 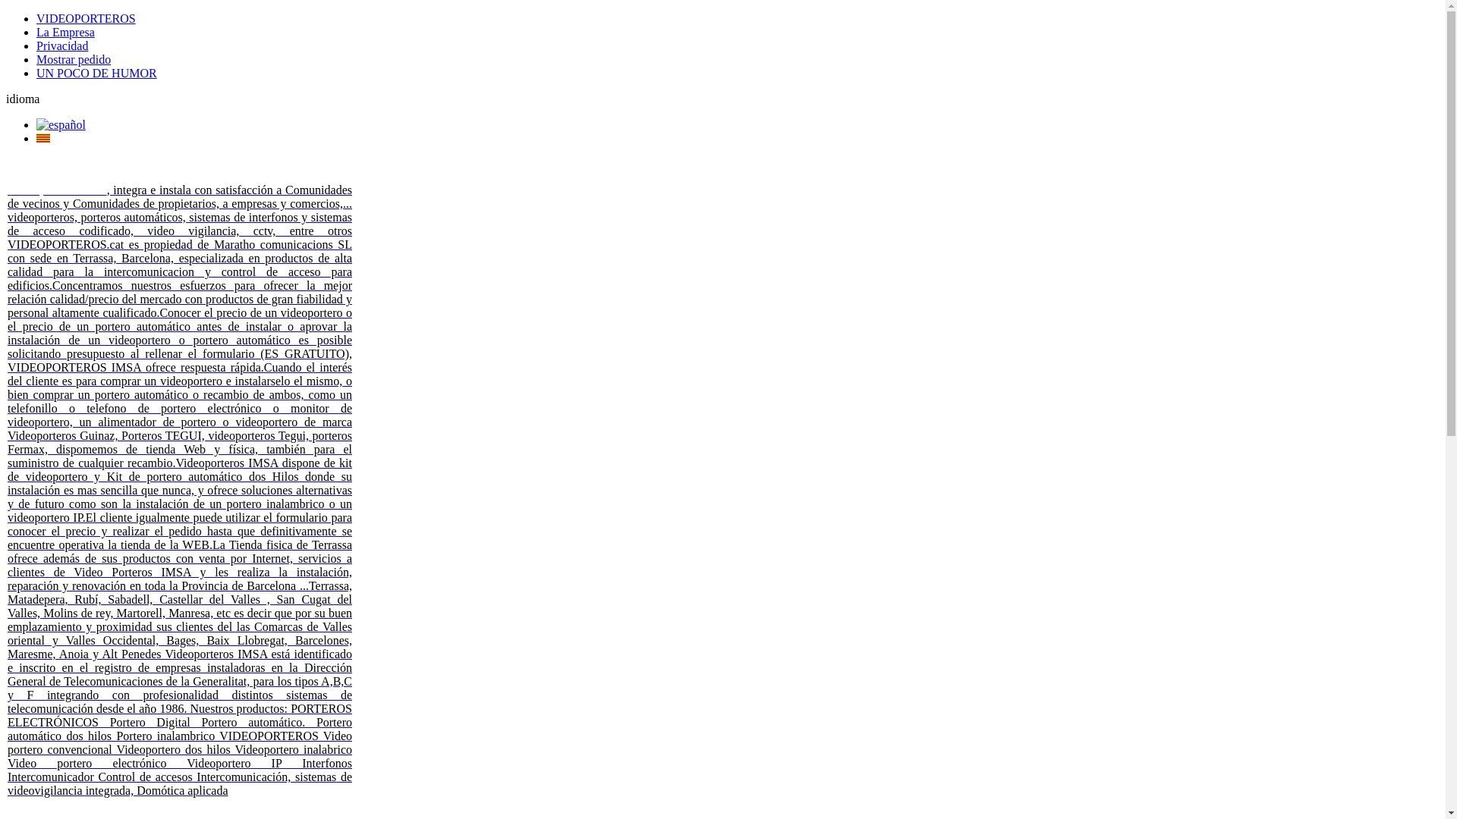 What do you see at coordinates (9, 189) in the screenshot?
I see `' '` at bounding box center [9, 189].